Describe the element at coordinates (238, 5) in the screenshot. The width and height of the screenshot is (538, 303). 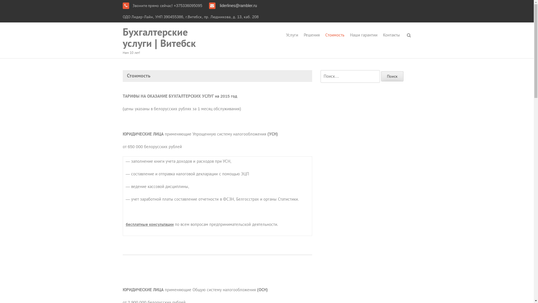
I see `'liderlines@rambler.ru'` at that location.